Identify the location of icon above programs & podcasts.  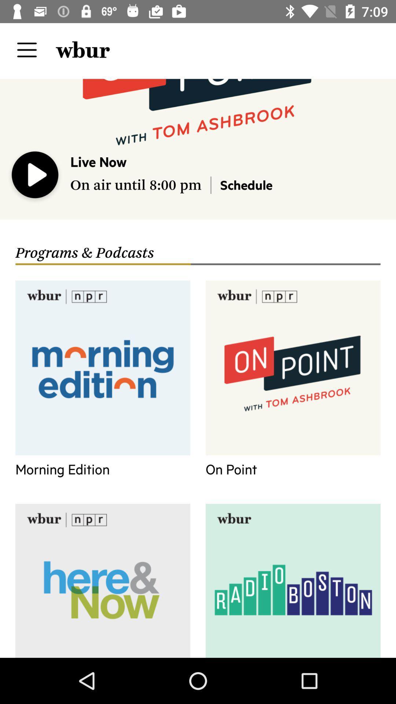
(246, 184).